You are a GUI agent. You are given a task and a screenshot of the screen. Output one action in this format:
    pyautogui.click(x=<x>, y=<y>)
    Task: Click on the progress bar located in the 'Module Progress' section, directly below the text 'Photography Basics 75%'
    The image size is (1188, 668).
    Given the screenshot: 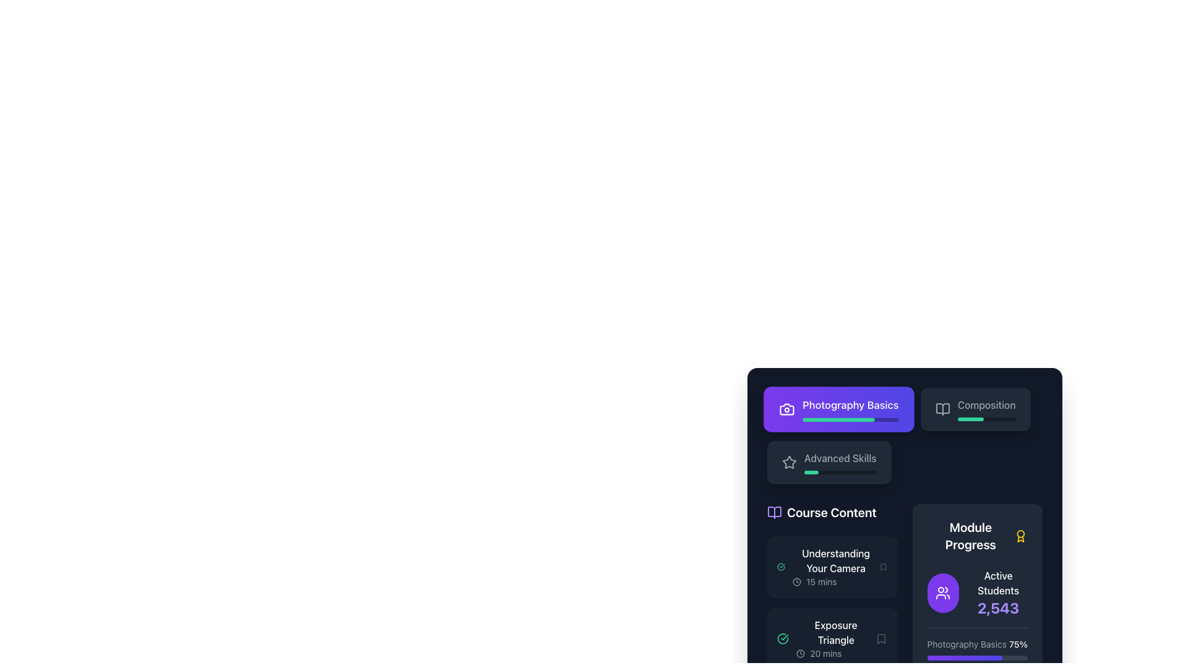 What is the action you would take?
    pyautogui.click(x=976, y=657)
    